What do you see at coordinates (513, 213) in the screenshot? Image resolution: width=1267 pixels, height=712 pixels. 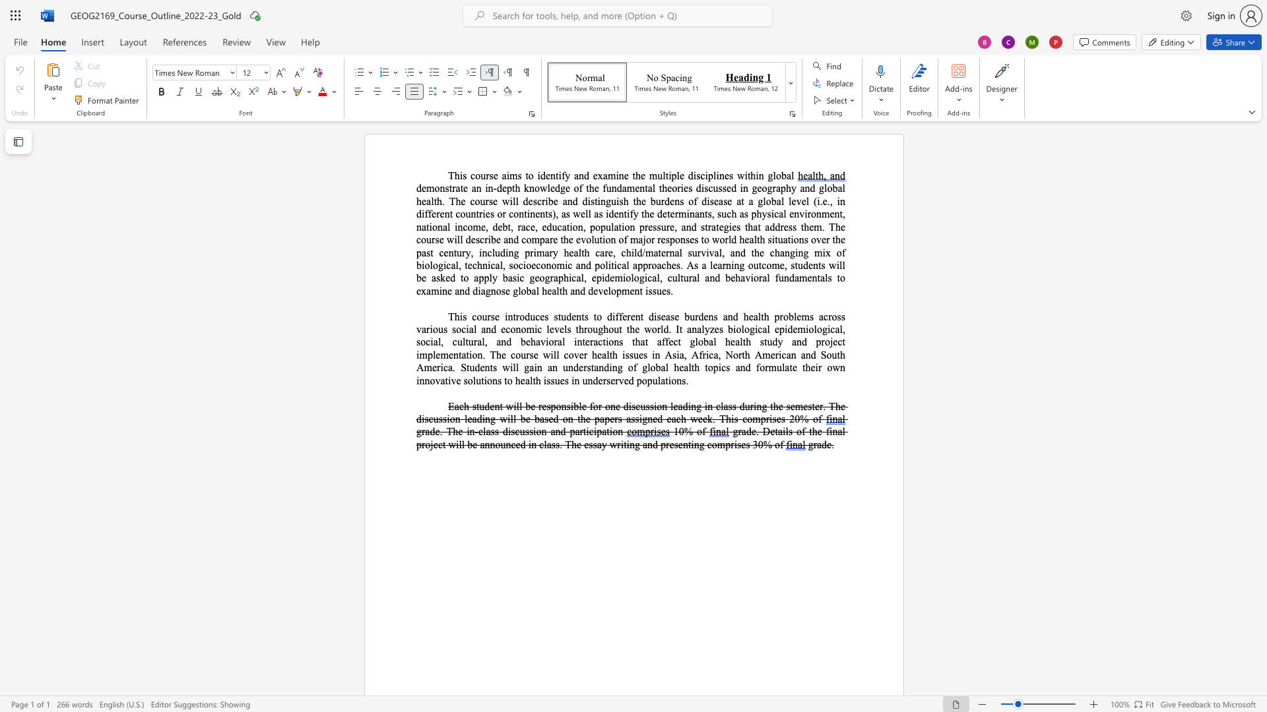 I see `the space between the continuous character "c" and "o" in the text` at bounding box center [513, 213].